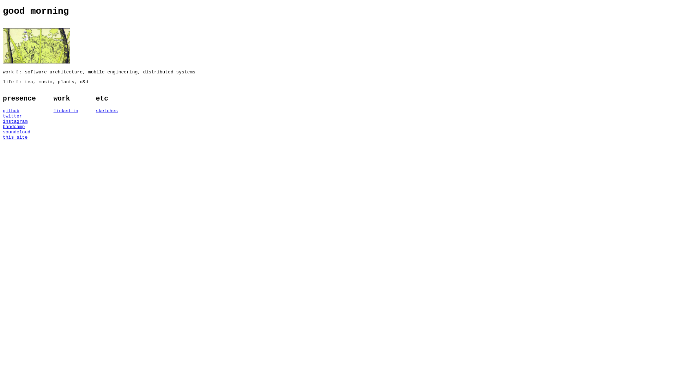  Describe the element at coordinates (3, 121) in the screenshot. I see `'instagram'` at that location.